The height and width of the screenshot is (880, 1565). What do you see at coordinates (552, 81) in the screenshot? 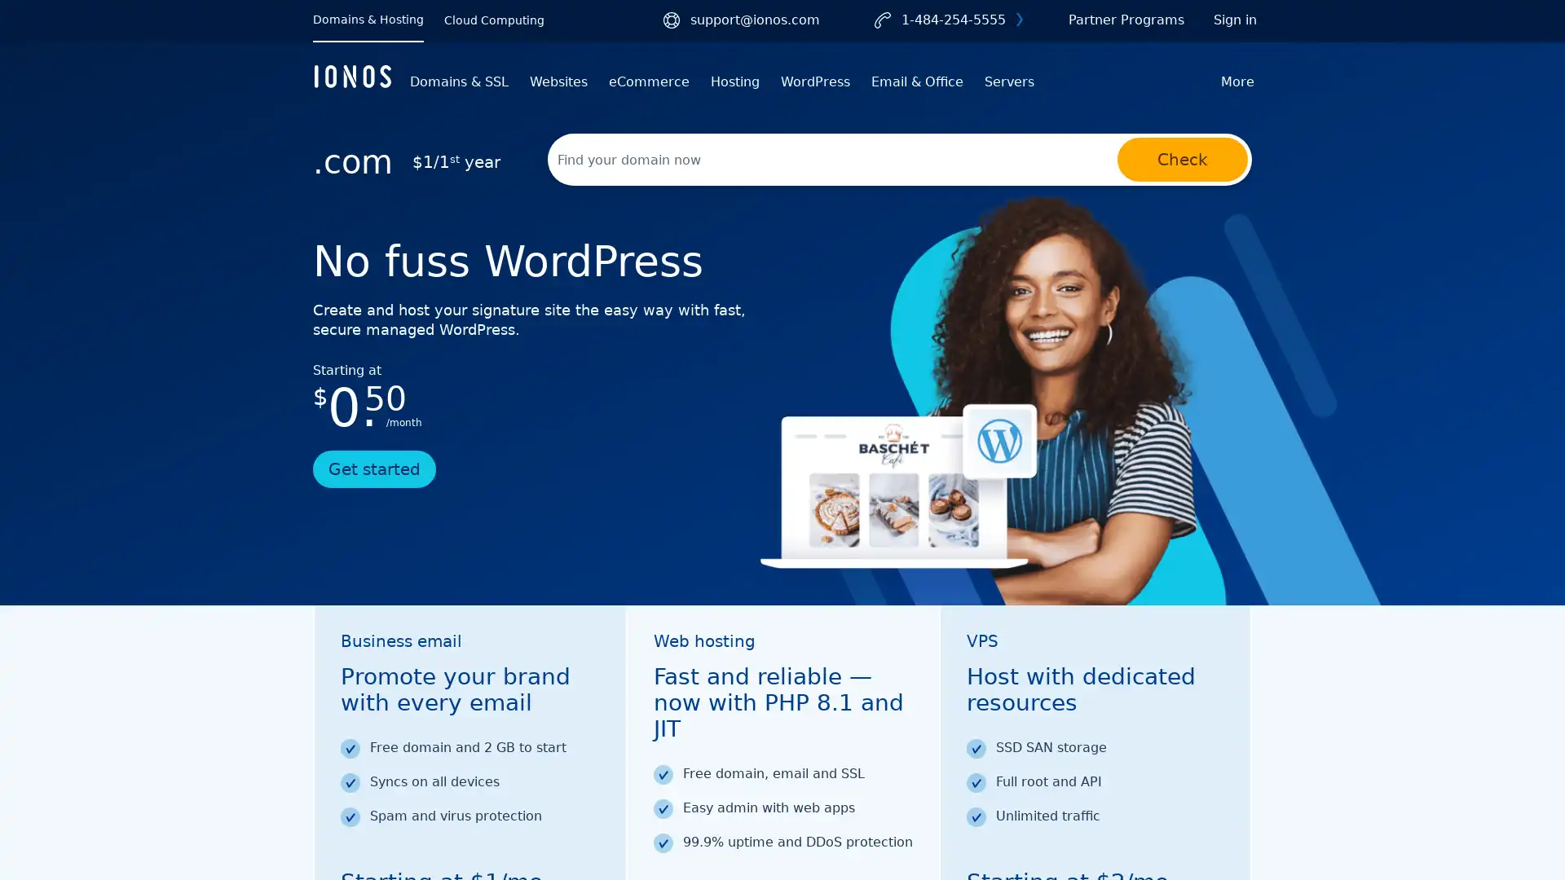
I see `Websites` at bounding box center [552, 81].